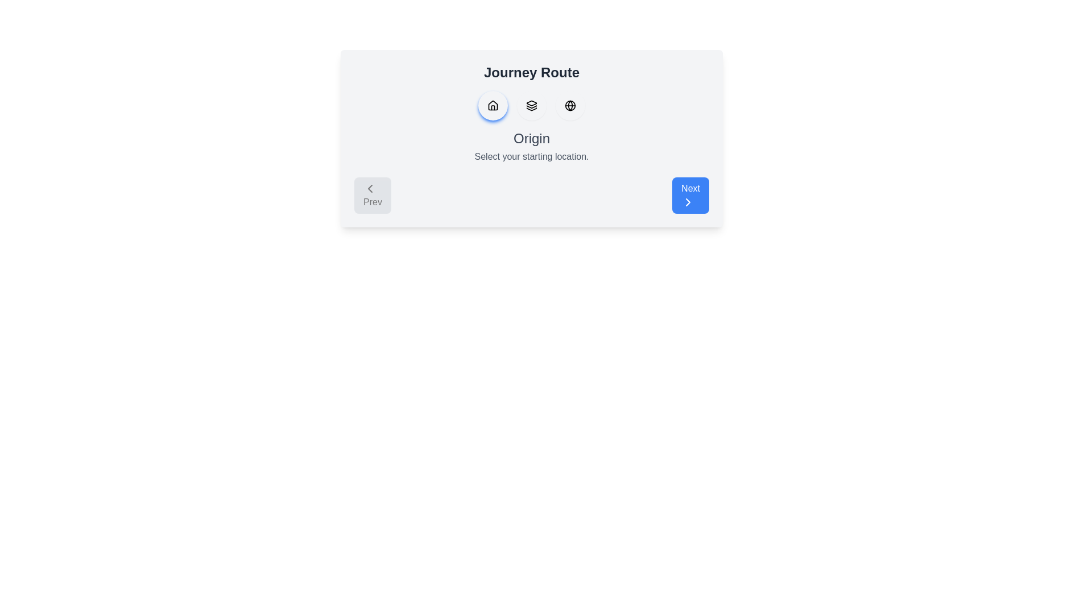 The width and height of the screenshot is (1092, 614). What do you see at coordinates (370, 188) in the screenshot?
I see `the chevron arrow icon that indicates the 'Prev' button, located at the bottom-left corner of the content area` at bounding box center [370, 188].